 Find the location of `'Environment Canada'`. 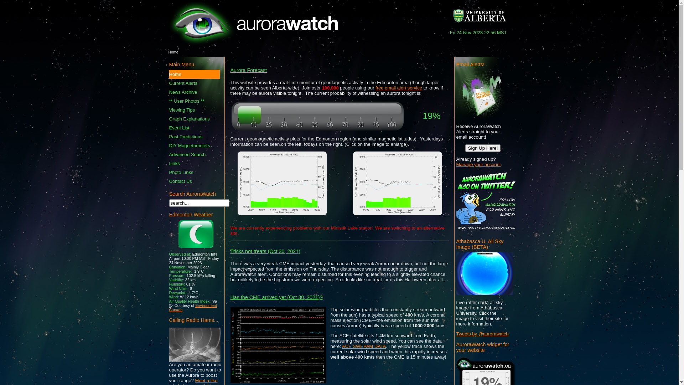

'Environment Canada' is located at coordinates (193, 307).